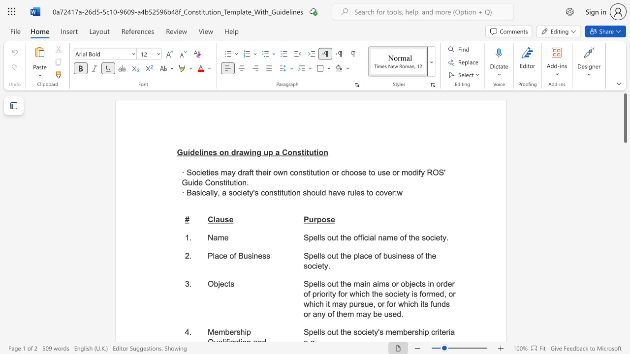 The height and width of the screenshot is (354, 630). I want to click on the scrollbar on the side, so click(625, 221).